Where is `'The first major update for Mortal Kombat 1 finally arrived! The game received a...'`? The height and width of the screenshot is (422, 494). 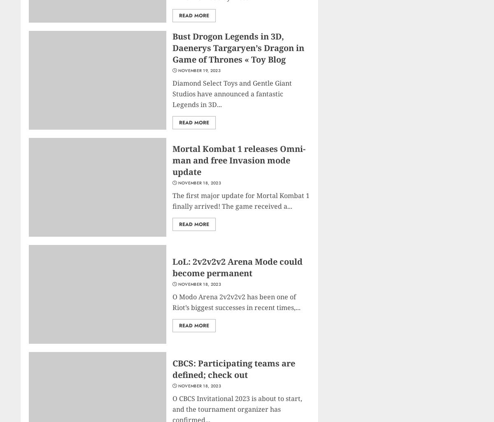
'The first major update for Mortal Kombat 1 finally arrived! The game received a...' is located at coordinates (240, 201).